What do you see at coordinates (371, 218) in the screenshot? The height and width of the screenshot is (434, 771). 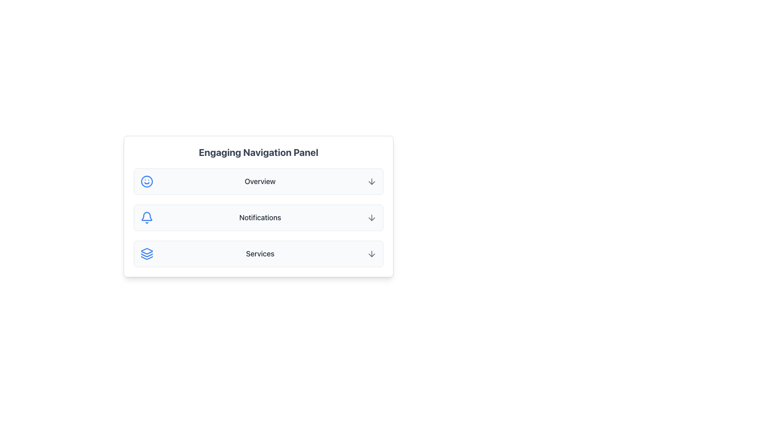 I see `the arrow icon located to the right of the 'Notifications' text` at bounding box center [371, 218].